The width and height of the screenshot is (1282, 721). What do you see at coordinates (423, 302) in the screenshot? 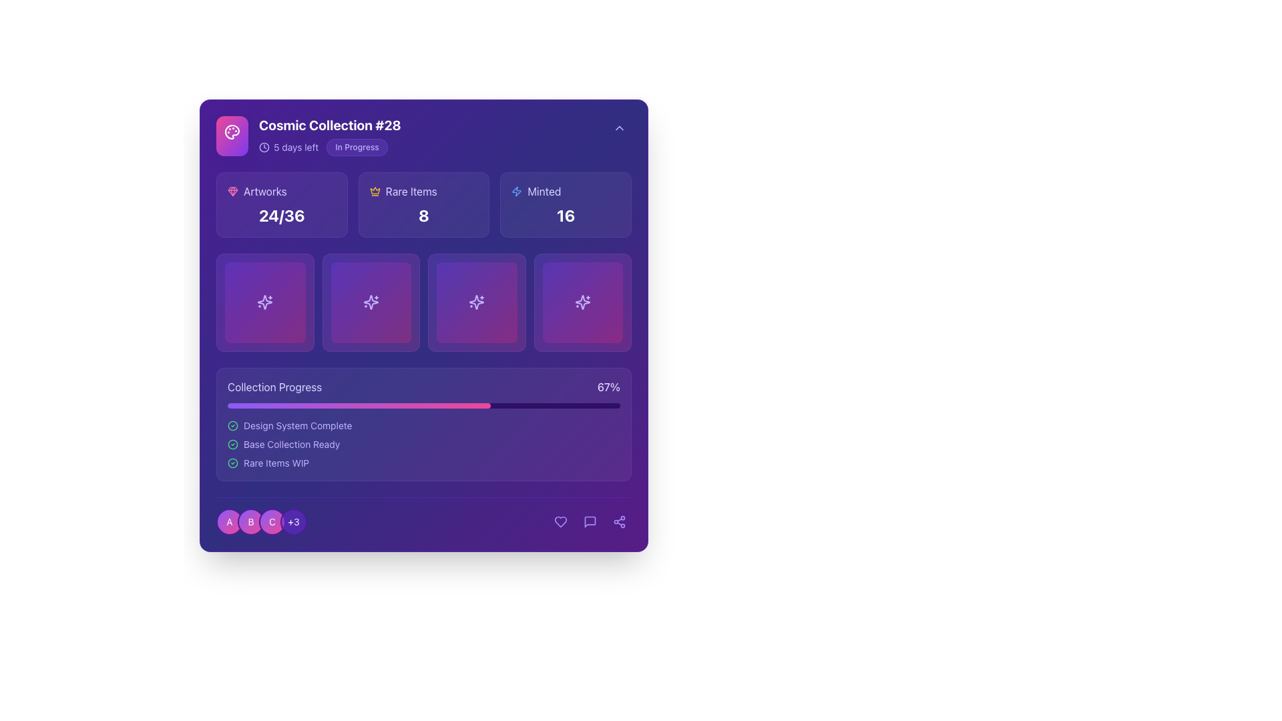
I see `the interactive grid item or button` at bounding box center [423, 302].